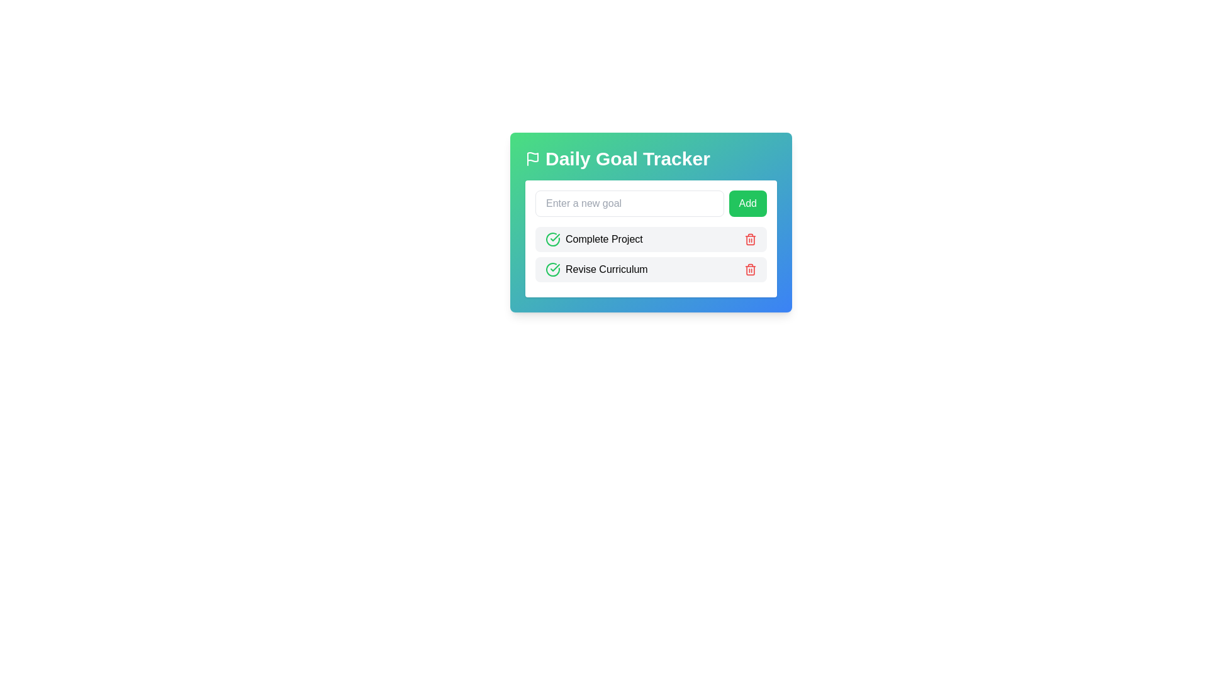 The image size is (1208, 679). Describe the element at coordinates (554, 267) in the screenshot. I see `the green checkmark symbol in the Daily Goal Tracker interface, which indicates the completion status of the task 'Complete Project'` at that location.